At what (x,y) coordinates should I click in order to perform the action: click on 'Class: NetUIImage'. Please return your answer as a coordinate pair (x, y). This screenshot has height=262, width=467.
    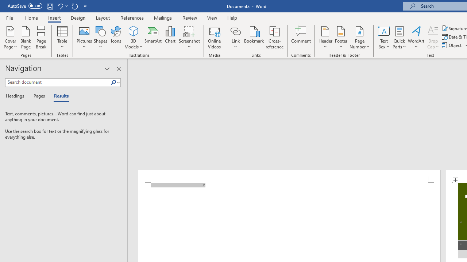
    Looking at the image, I should click on (113, 82).